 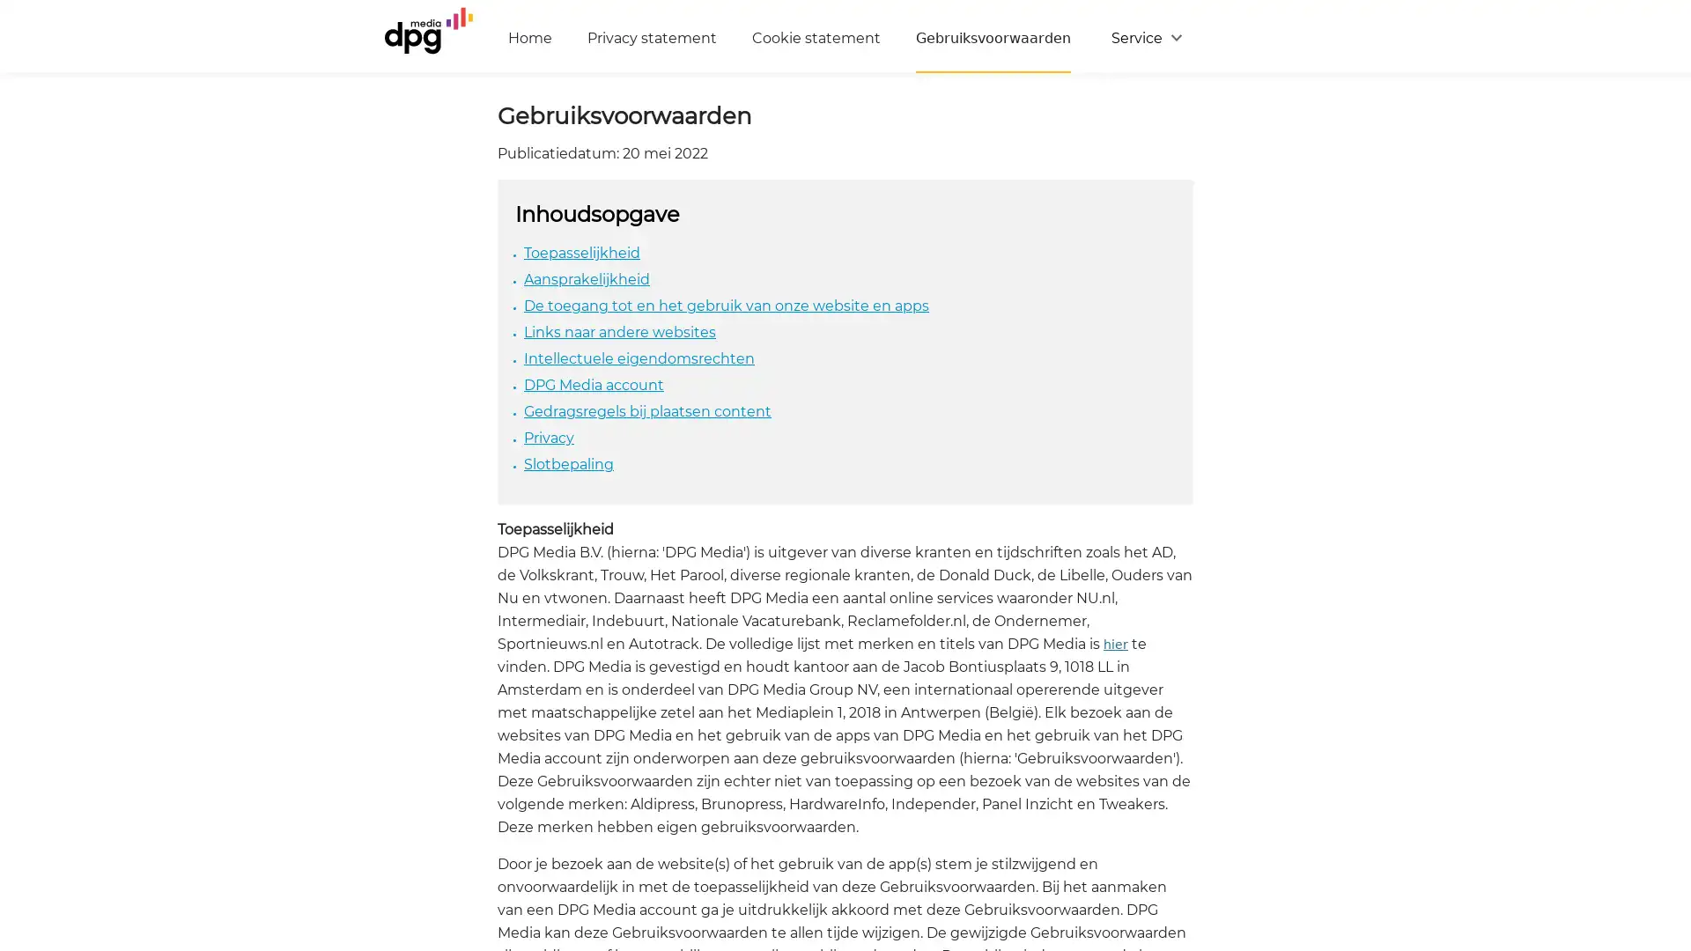 What do you see at coordinates (1668, 734) in the screenshot?
I see `close icon` at bounding box center [1668, 734].